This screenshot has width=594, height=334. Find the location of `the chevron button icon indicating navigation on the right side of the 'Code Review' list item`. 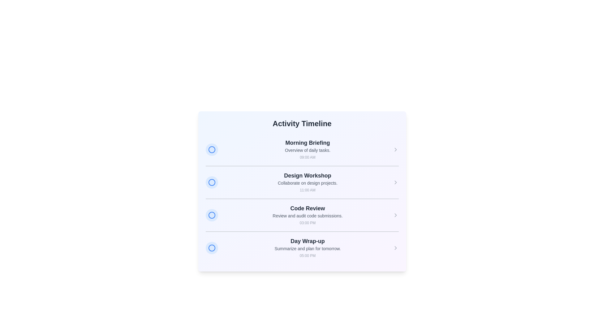

the chevron button icon indicating navigation on the right side of the 'Code Review' list item is located at coordinates (395, 215).